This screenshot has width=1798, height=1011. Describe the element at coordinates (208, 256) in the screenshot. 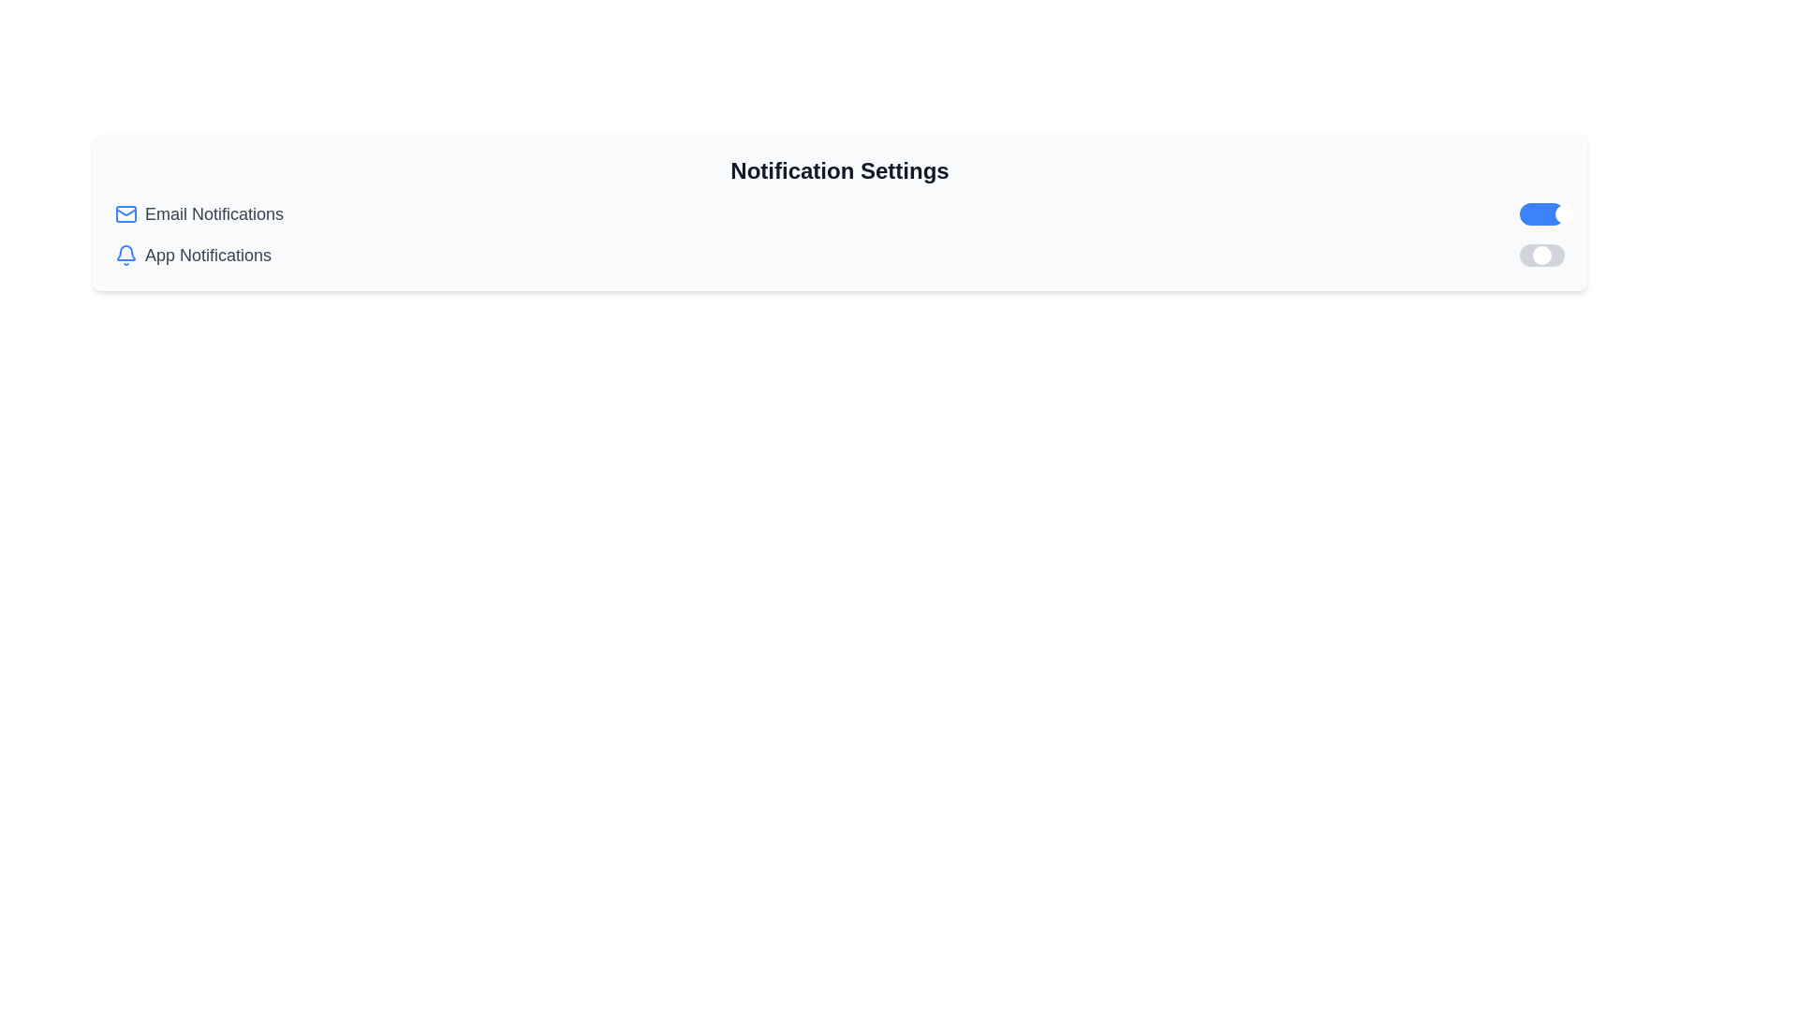

I see `the 'App Notifications' text label, which is styled with a larger font size and gray color, located` at that location.